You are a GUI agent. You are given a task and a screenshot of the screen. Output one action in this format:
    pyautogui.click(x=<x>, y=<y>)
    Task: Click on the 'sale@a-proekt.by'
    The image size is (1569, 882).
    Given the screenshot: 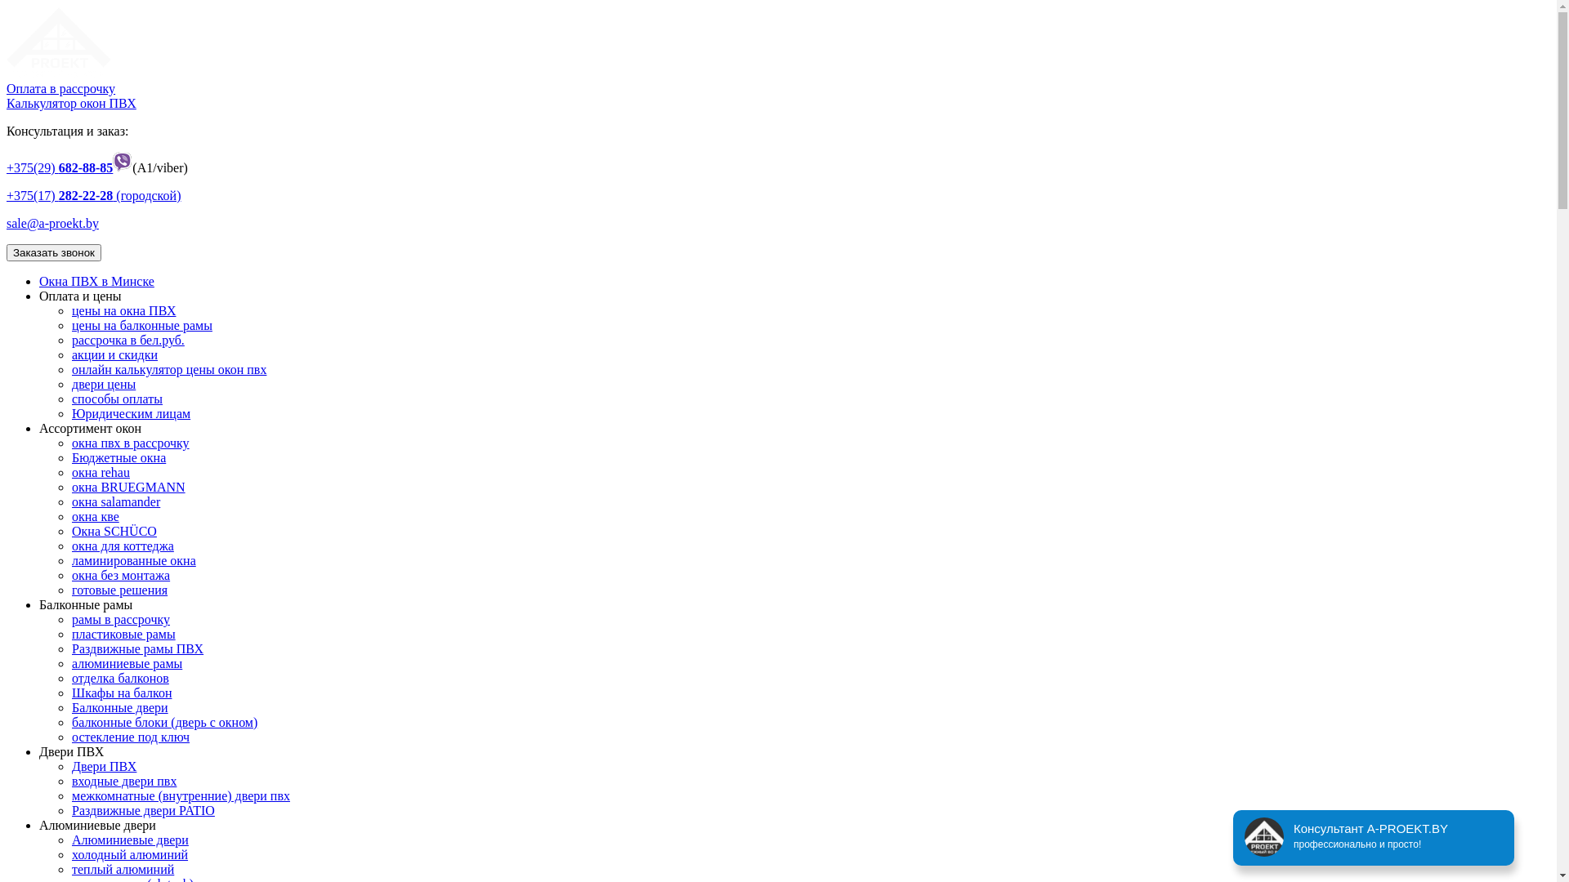 What is the action you would take?
    pyautogui.click(x=7, y=223)
    